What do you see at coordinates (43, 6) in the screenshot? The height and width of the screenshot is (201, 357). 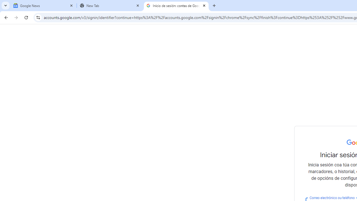 I see `'Google News'` at bounding box center [43, 6].